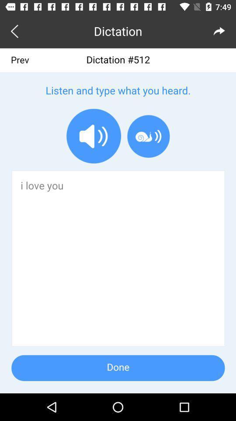  What do you see at coordinates (16, 31) in the screenshot?
I see `the arrow_backward icon` at bounding box center [16, 31].